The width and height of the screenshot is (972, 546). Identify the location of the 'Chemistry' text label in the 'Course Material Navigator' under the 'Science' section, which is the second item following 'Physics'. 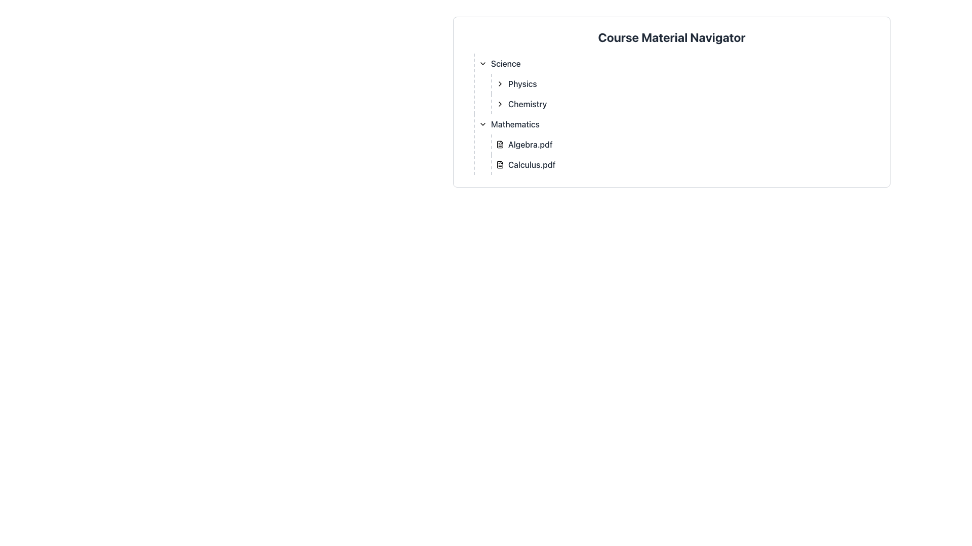
(527, 104).